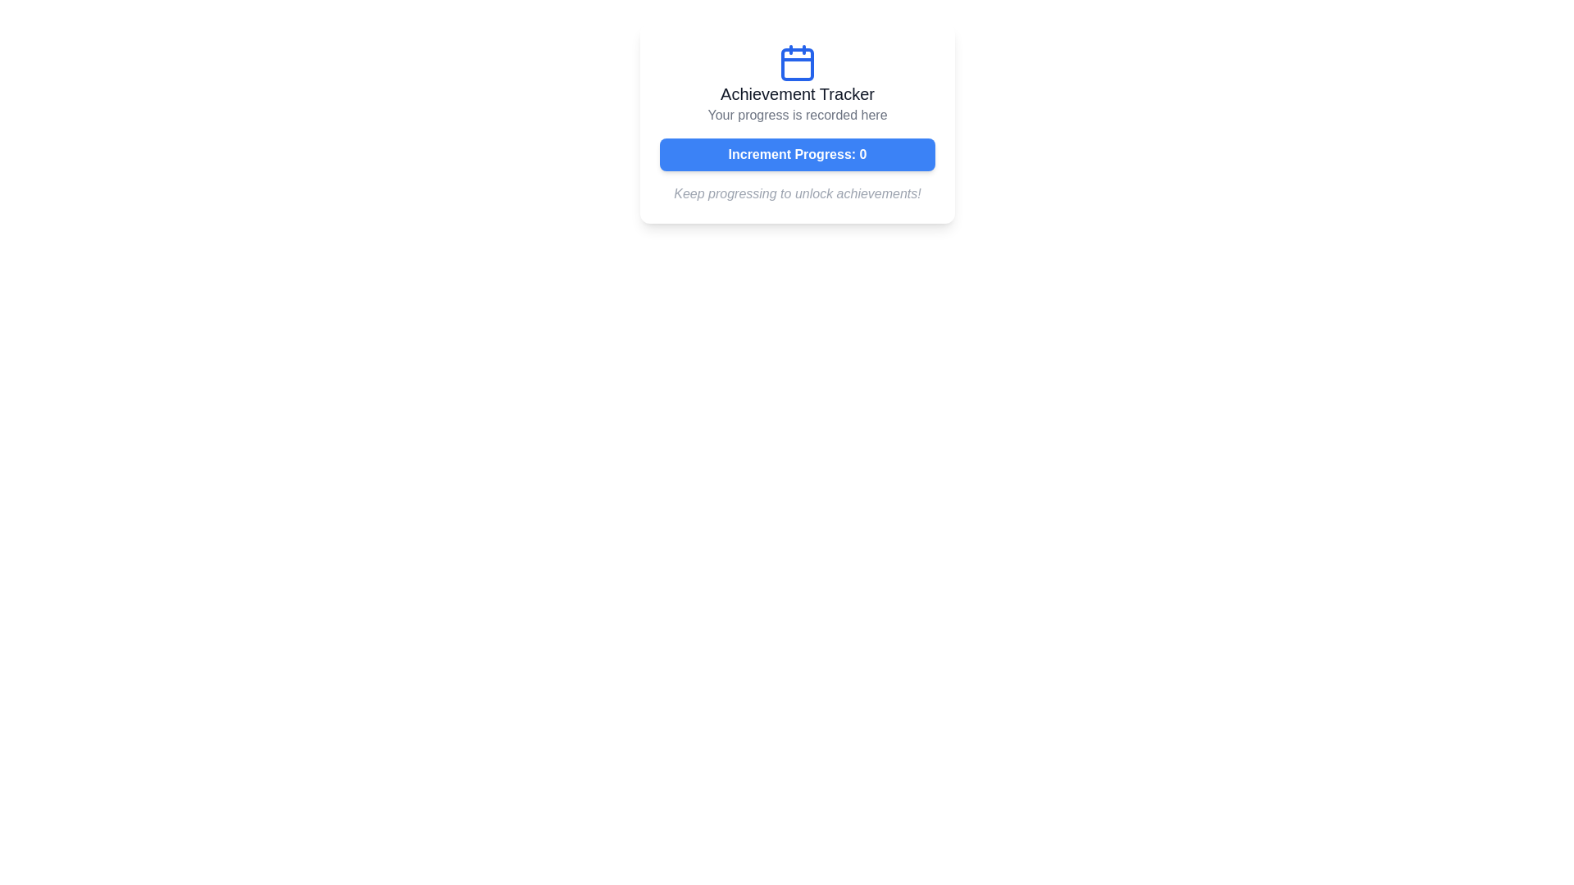 The width and height of the screenshot is (1574, 885). What do you see at coordinates (798, 155) in the screenshot?
I see `the rectangular blue button labeled 'Increment Progress: 0' to observe its hover effects` at bounding box center [798, 155].